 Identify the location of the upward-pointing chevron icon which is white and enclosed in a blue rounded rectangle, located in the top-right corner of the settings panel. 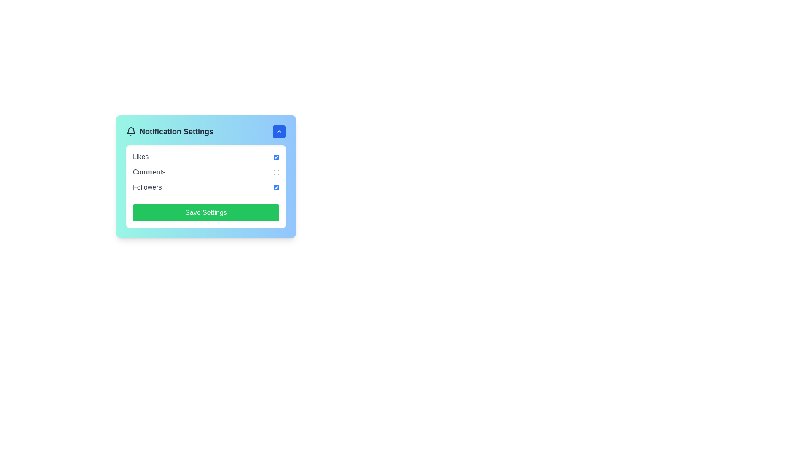
(279, 132).